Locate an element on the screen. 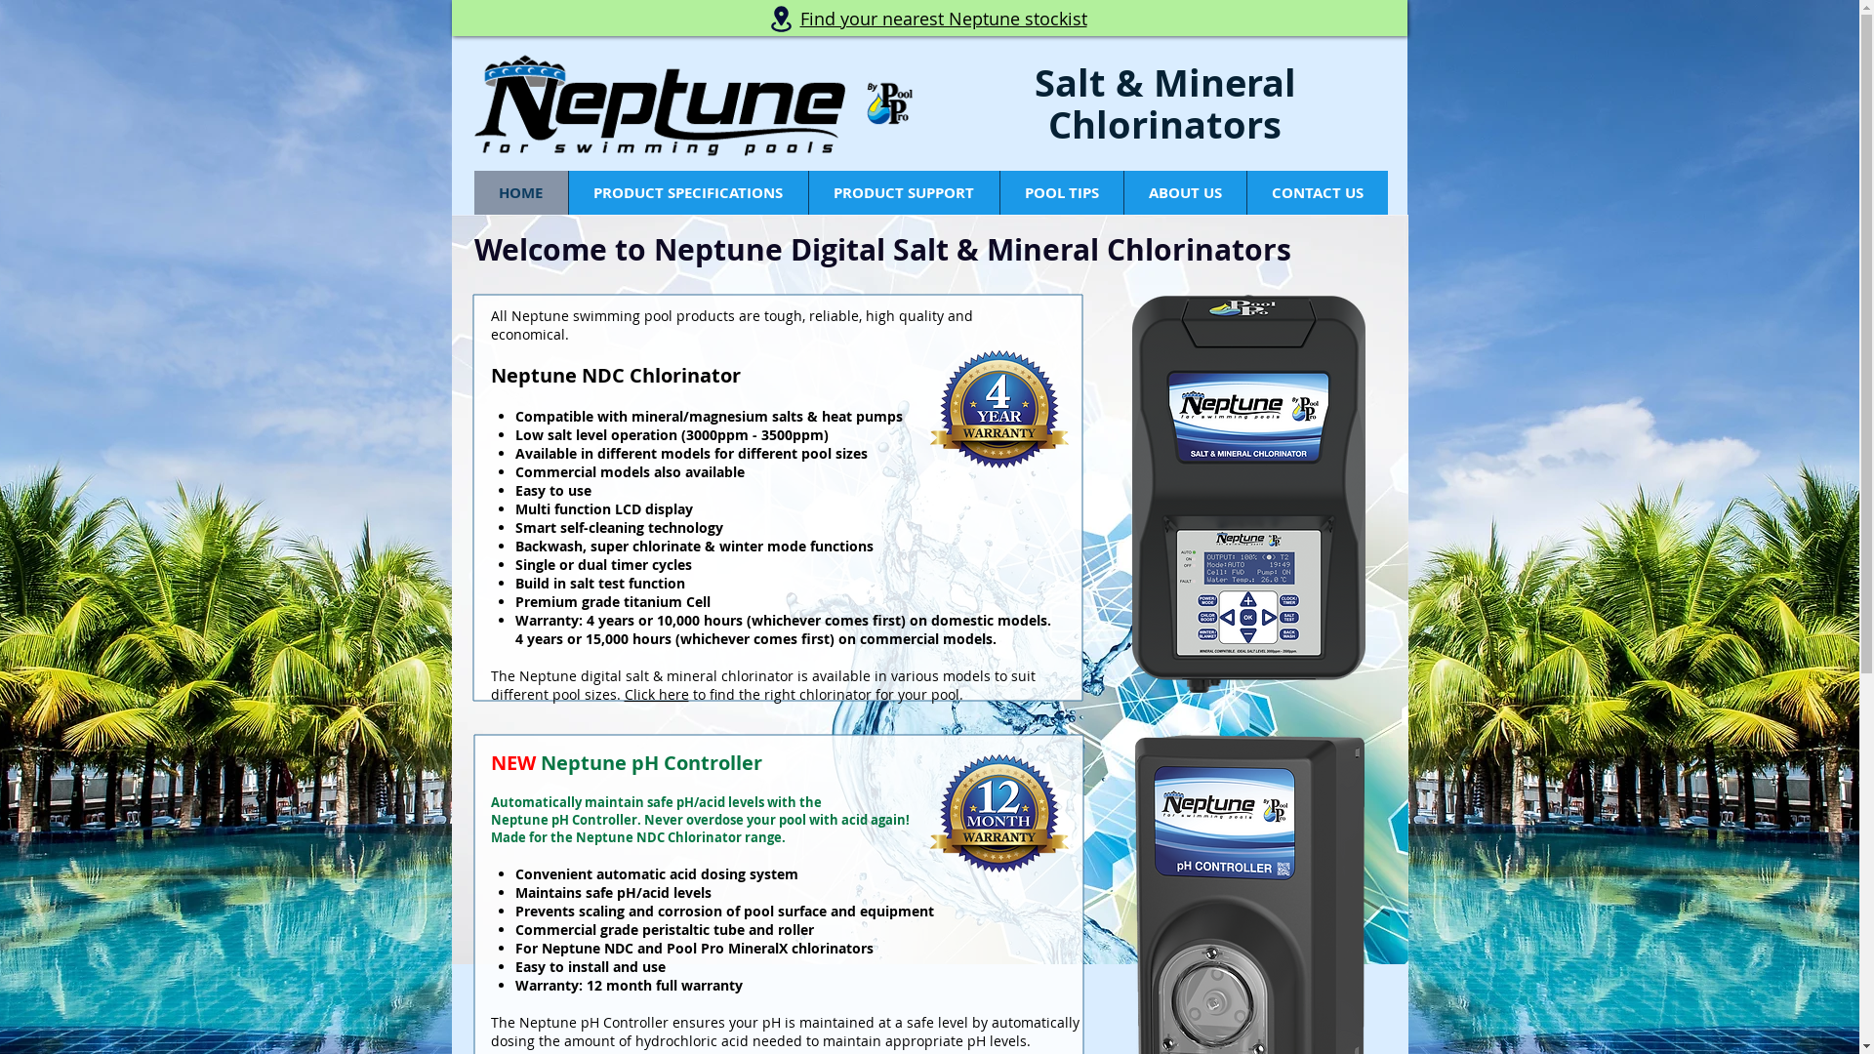 Image resolution: width=1874 pixels, height=1054 pixels. 'Find your nearest Neptune stockist' is located at coordinates (943, 20).